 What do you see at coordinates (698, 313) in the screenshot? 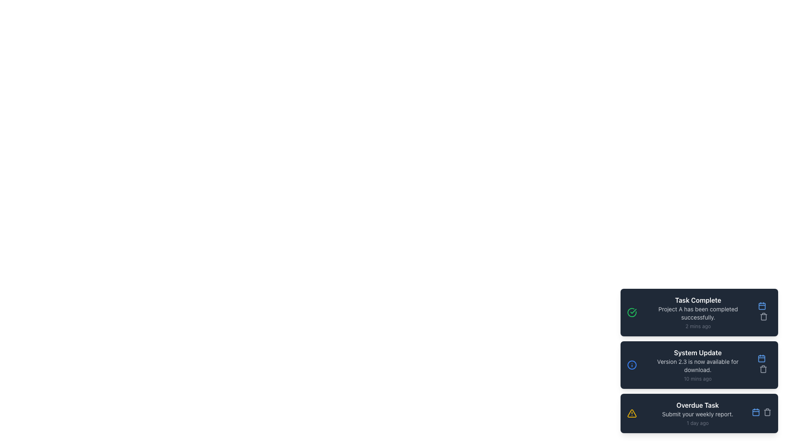
I see `secondary descriptive text located within the notification component, which is positioned below the main title 'Task Complete' and above the timestamp '2 mins ago'` at bounding box center [698, 313].